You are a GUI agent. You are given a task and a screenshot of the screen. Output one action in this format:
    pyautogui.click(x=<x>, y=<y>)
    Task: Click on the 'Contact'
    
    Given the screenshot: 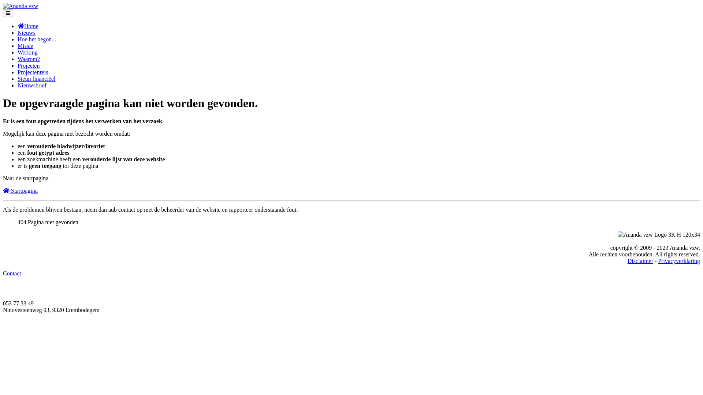 What is the action you would take?
    pyautogui.click(x=12, y=273)
    